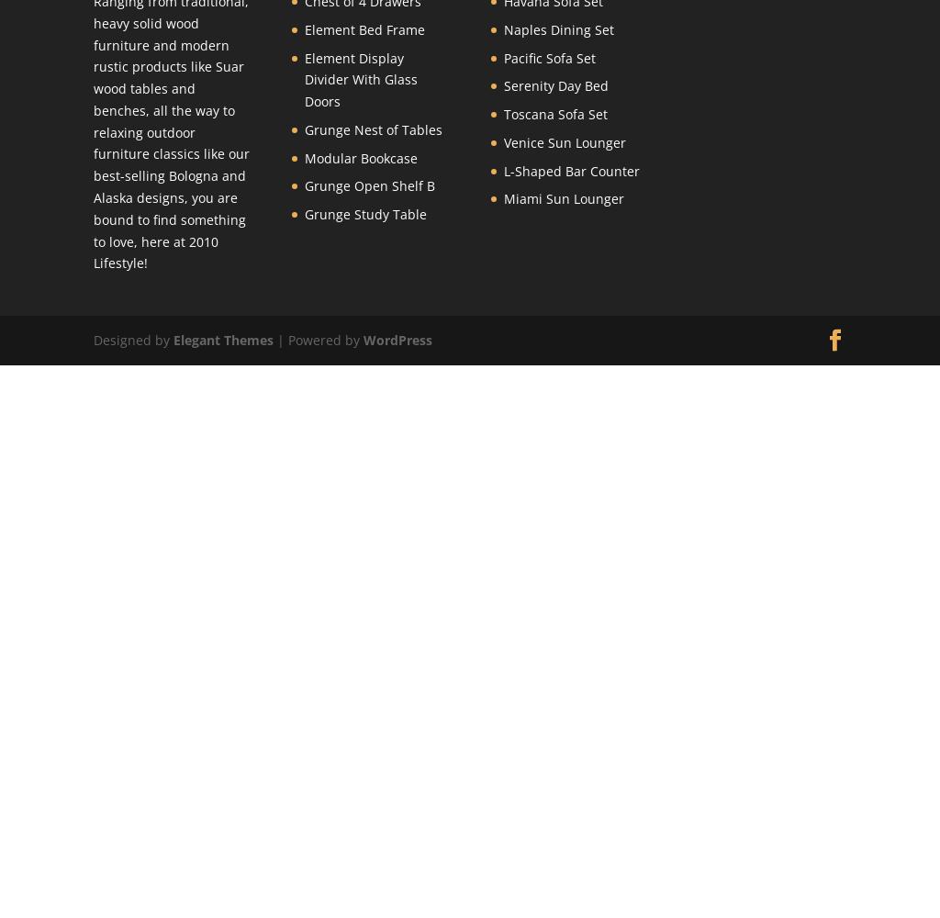 The width and height of the screenshot is (940, 918). I want to click on 'Serenity Day Bed', so click(554, 84).